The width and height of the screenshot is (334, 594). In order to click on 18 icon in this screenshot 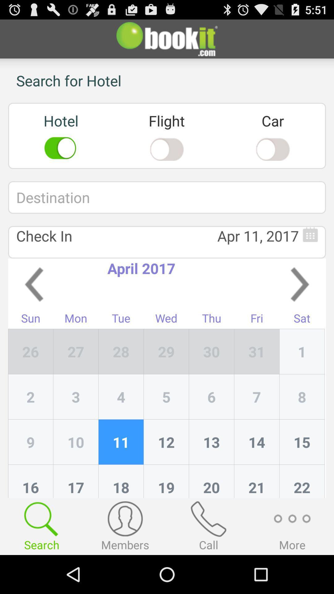, I will do `click(121, 481)`.